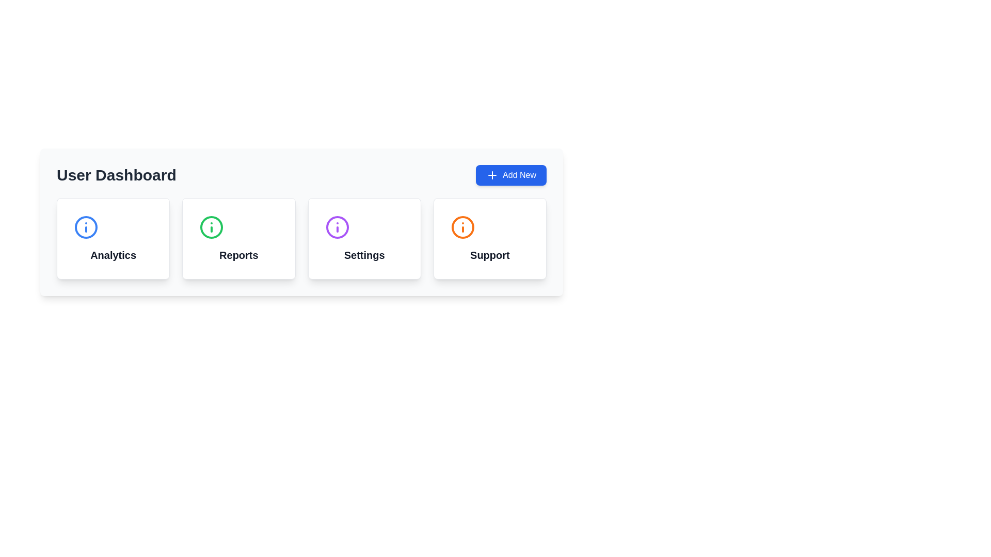  What do you see at coordinates (337, 226) in the screenshot?
I see `the purple outlined circle icon with a lowercase 'i' in the center located in the 'Settings' section` at bounding box center [337, 226].